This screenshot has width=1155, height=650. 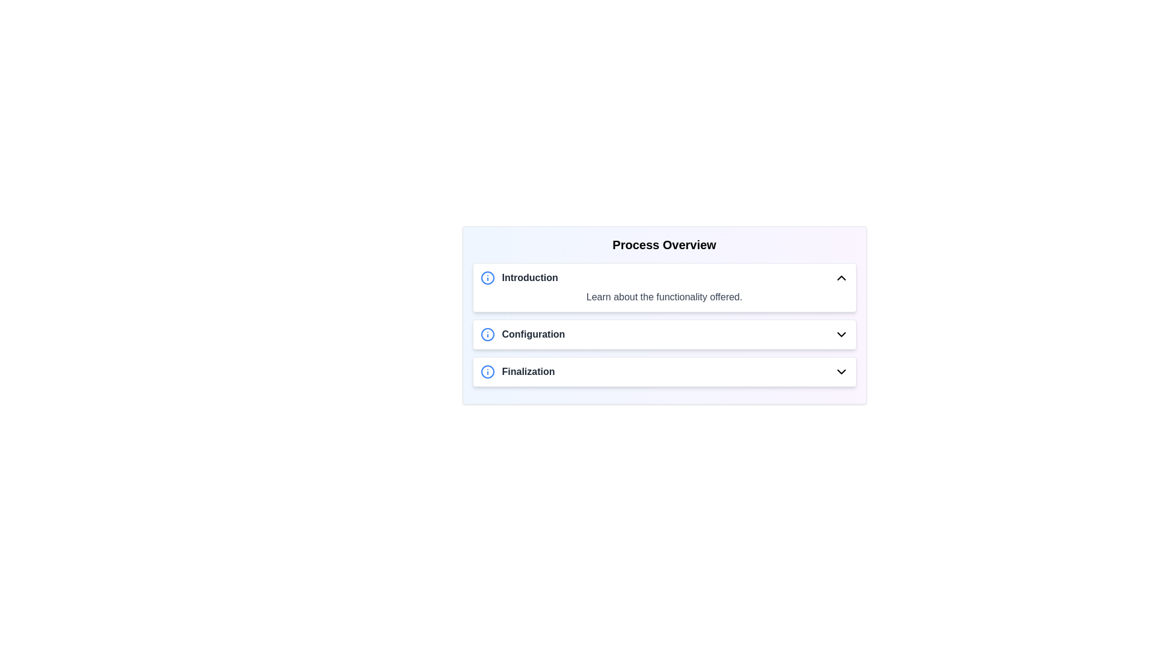 What do you see at coordinates (664, 244) in the screenshot?
I see `the bold, centered text element reading 'Process Overview' which is styled with a large font size and black font color, positioned above a list of sections` at bounding box center [664, 244].